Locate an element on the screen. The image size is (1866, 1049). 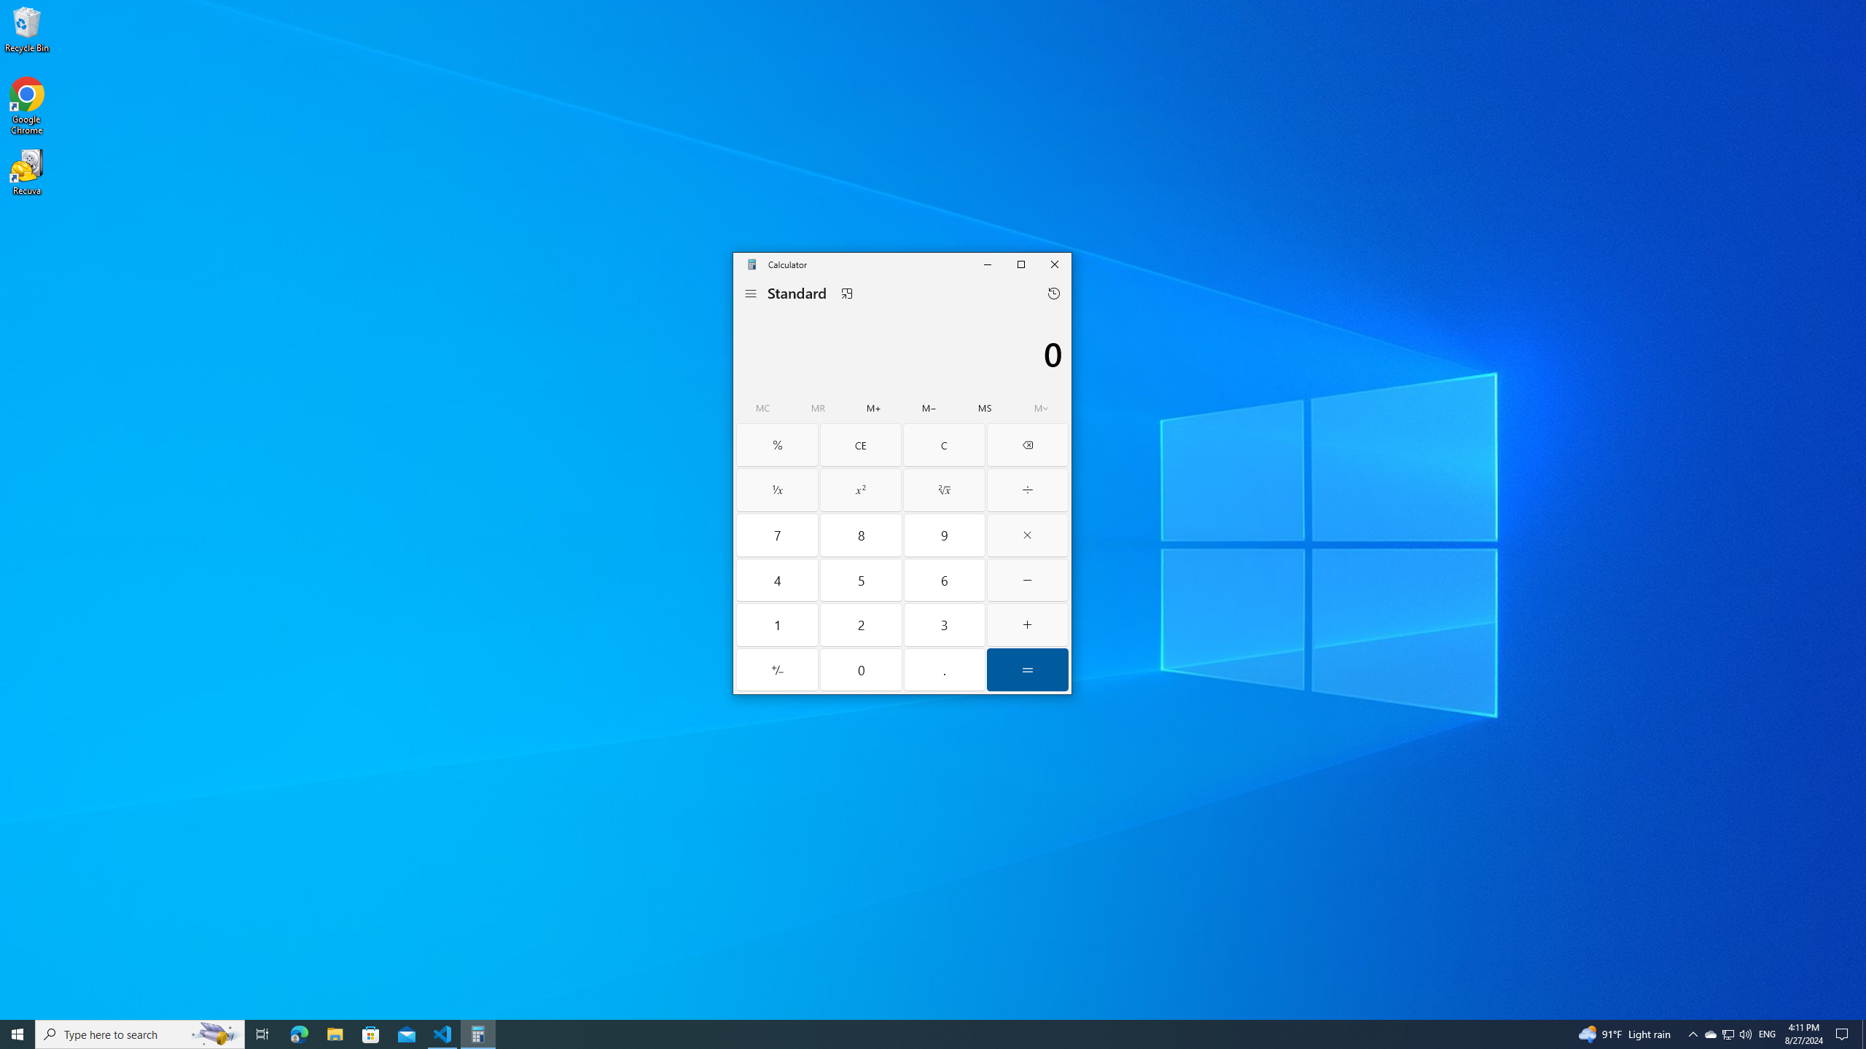
'Open history flyout' is located at coordinates (1054, 293).